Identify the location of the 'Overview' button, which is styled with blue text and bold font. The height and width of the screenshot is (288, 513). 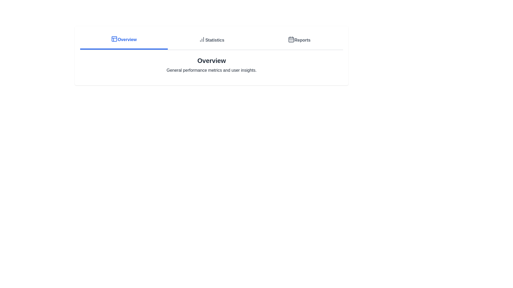
(124, 40).